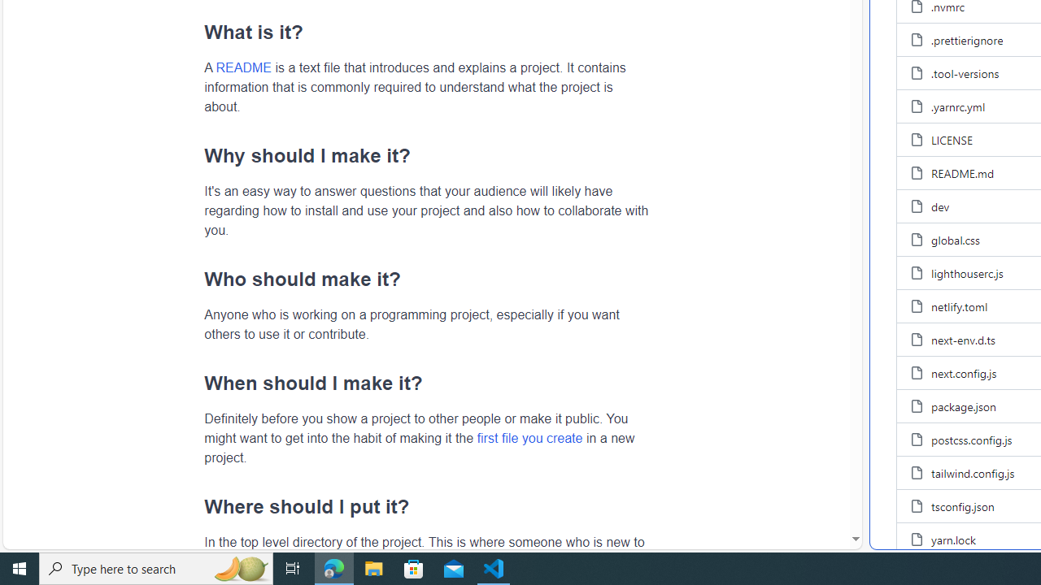 The image size is (1041, 585). Describe the element at coordinates (965, 73) in the screenshot. I see `'.tool-versions, (File)'` at that location.